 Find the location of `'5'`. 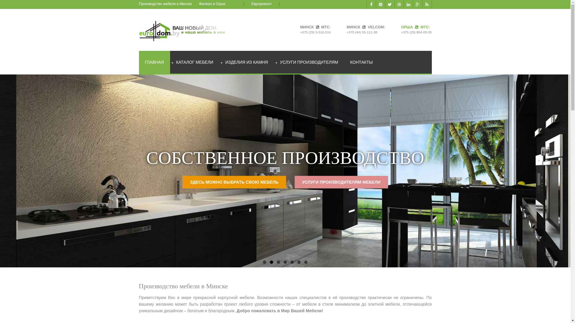

'5' is located at coordinates (292, 262).